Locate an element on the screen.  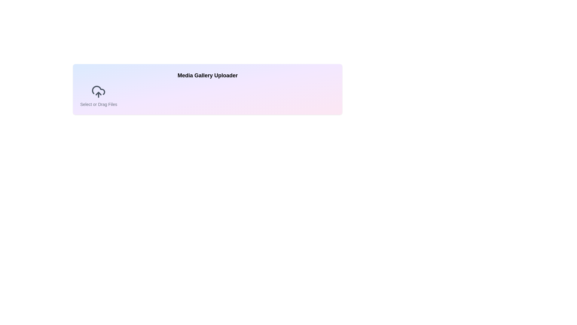
the static informational text that reads 'Select or Drag Files', which is styled in a smaller gray font and positioned underneath the upload icon is located at coordinates (99, 104).